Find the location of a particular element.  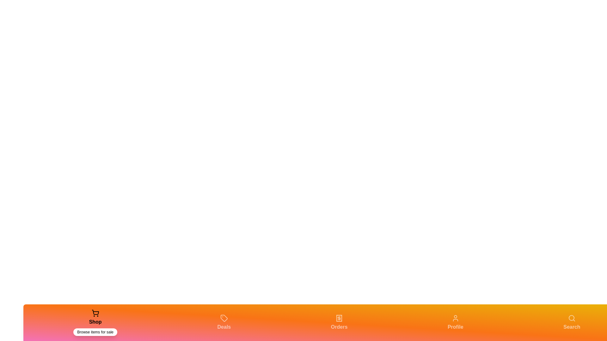

the tab labeled 'Profile' to view its description is located at coordinates (455, 323).